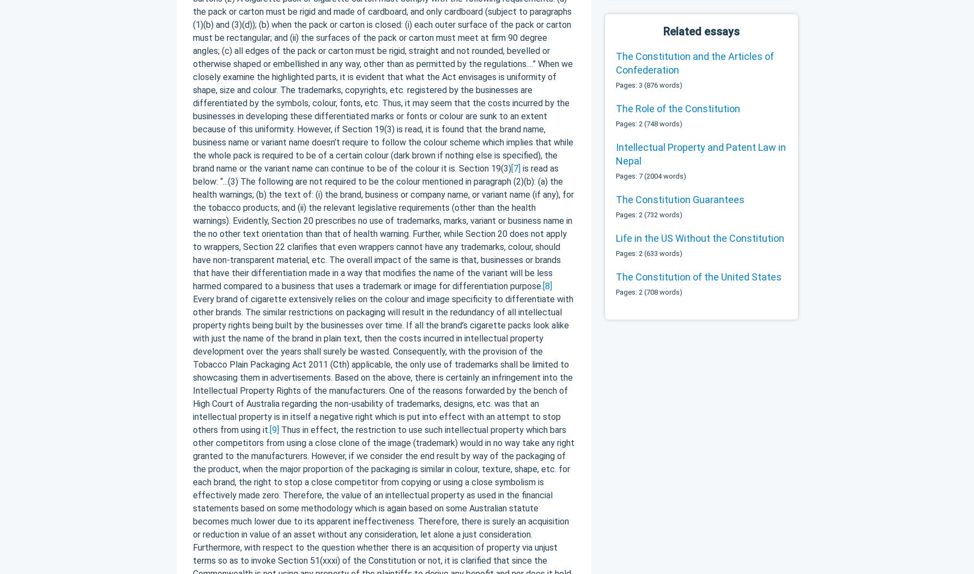 This screenshot has height=574, width=974. I want to click on 'Pages: 2 (748 words)', so click(615, 123).